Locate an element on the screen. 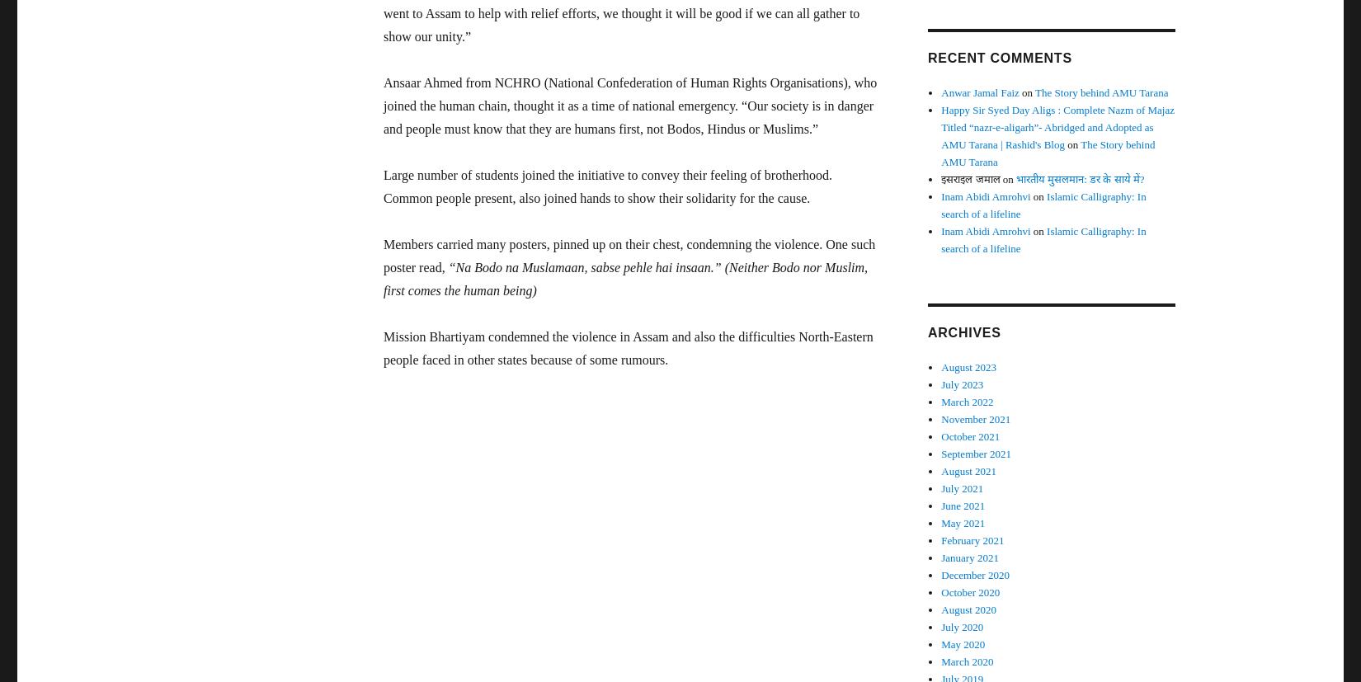 The image size is (1361, 682). 'May 2020' is located at coordinates (963, 644).